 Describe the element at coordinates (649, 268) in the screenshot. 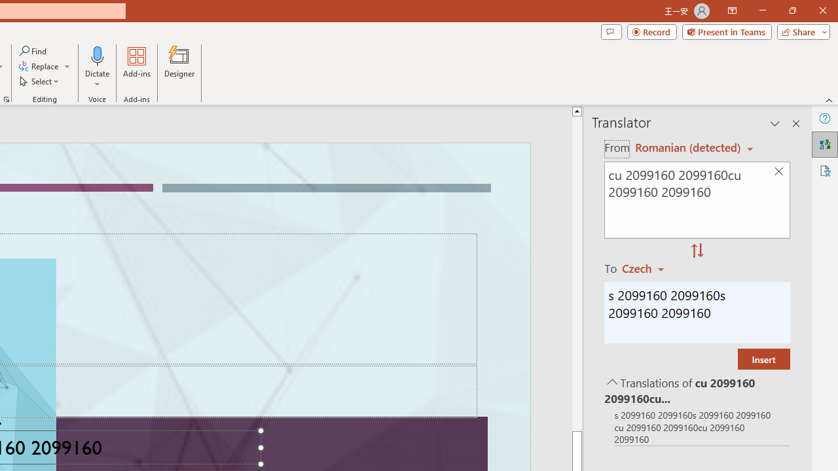

I see `'Czech'` at that location.